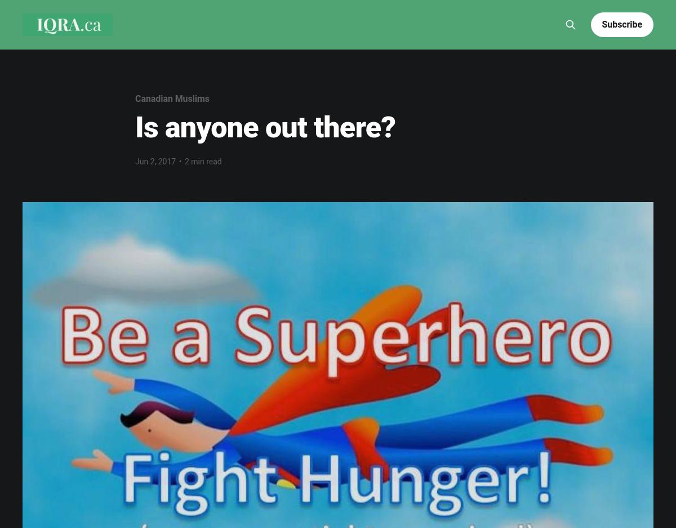  Describe the element at coordinates (172, 98) in the screenshot. I see `'Canadian Muslims'` at that location.